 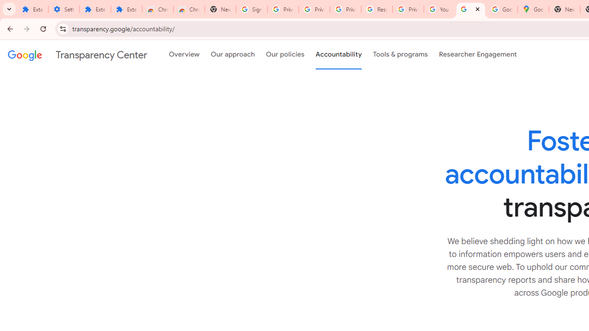 I want to click on 'Extensions', so click(x=95, y=9).